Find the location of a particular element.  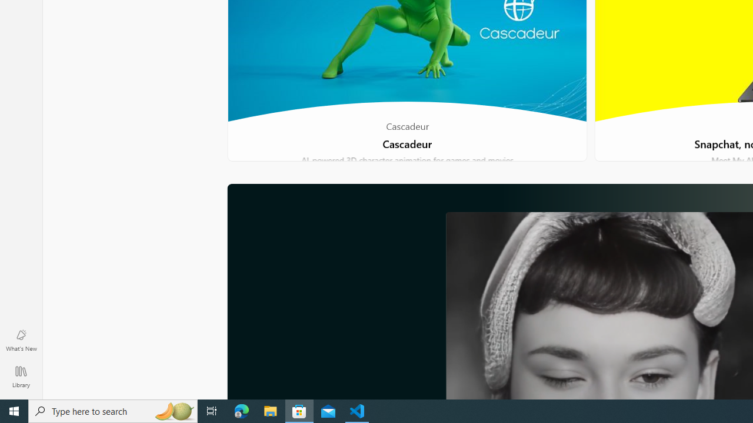

'Library' is located at coordinates (21, 376).